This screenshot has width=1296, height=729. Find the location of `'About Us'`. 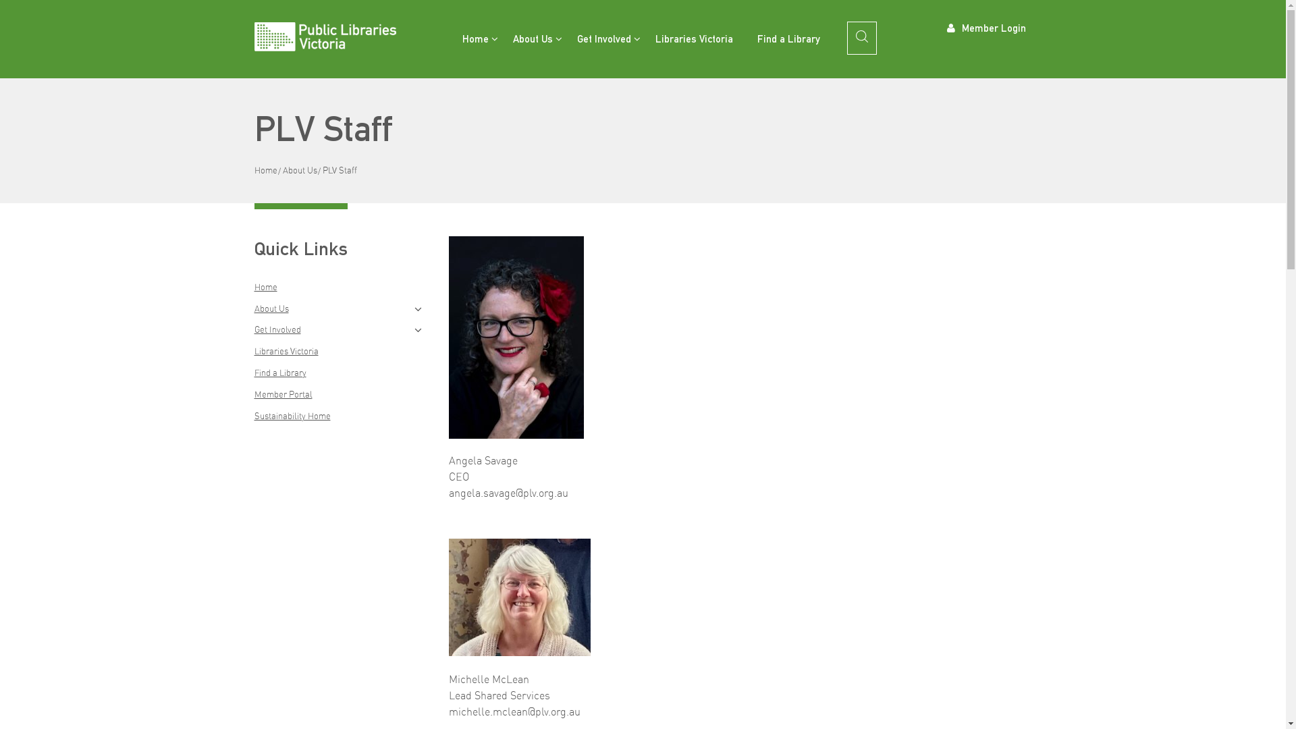

'About Us' is located at coordinates (298, 169).